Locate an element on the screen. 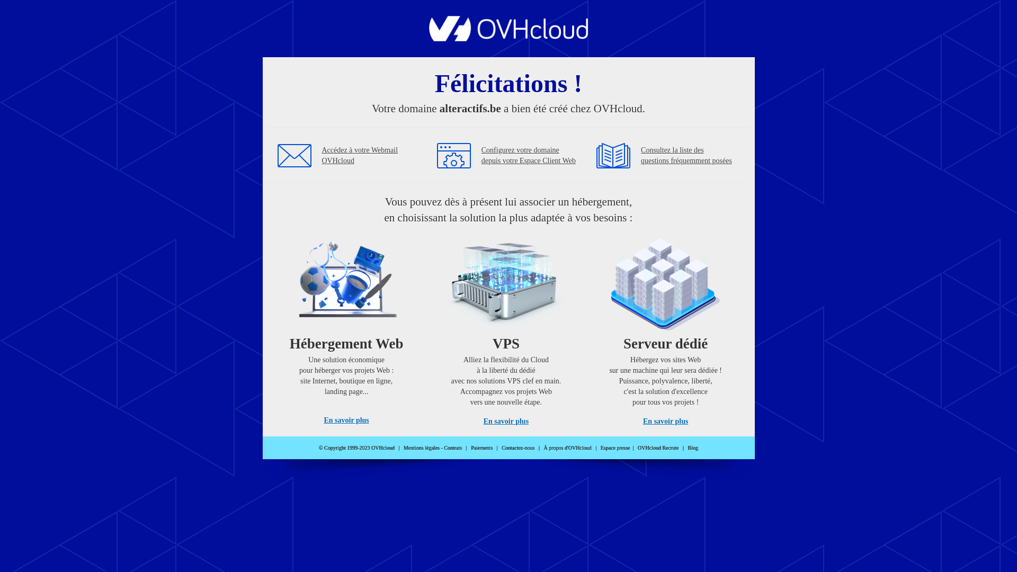 This screenshot has width=1017, height=572. 'Blog' is located at coordinates (693, 448).